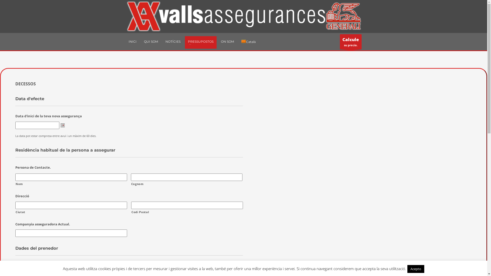  Describe the element at coordinates (227, 41) in the screenshot. I see `'ON SOM'` at that location.